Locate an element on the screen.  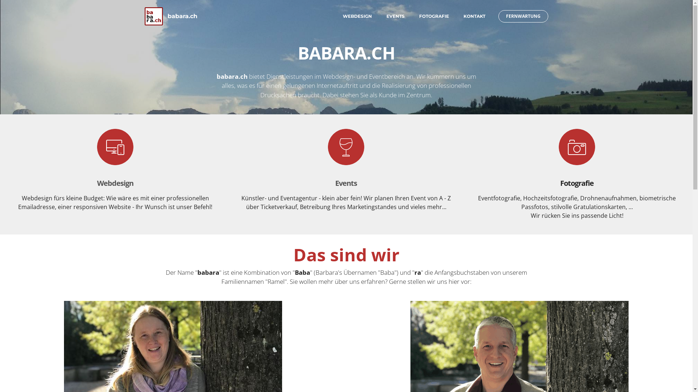
'FERNWARTUNG' is located at coordinates (497, 16).